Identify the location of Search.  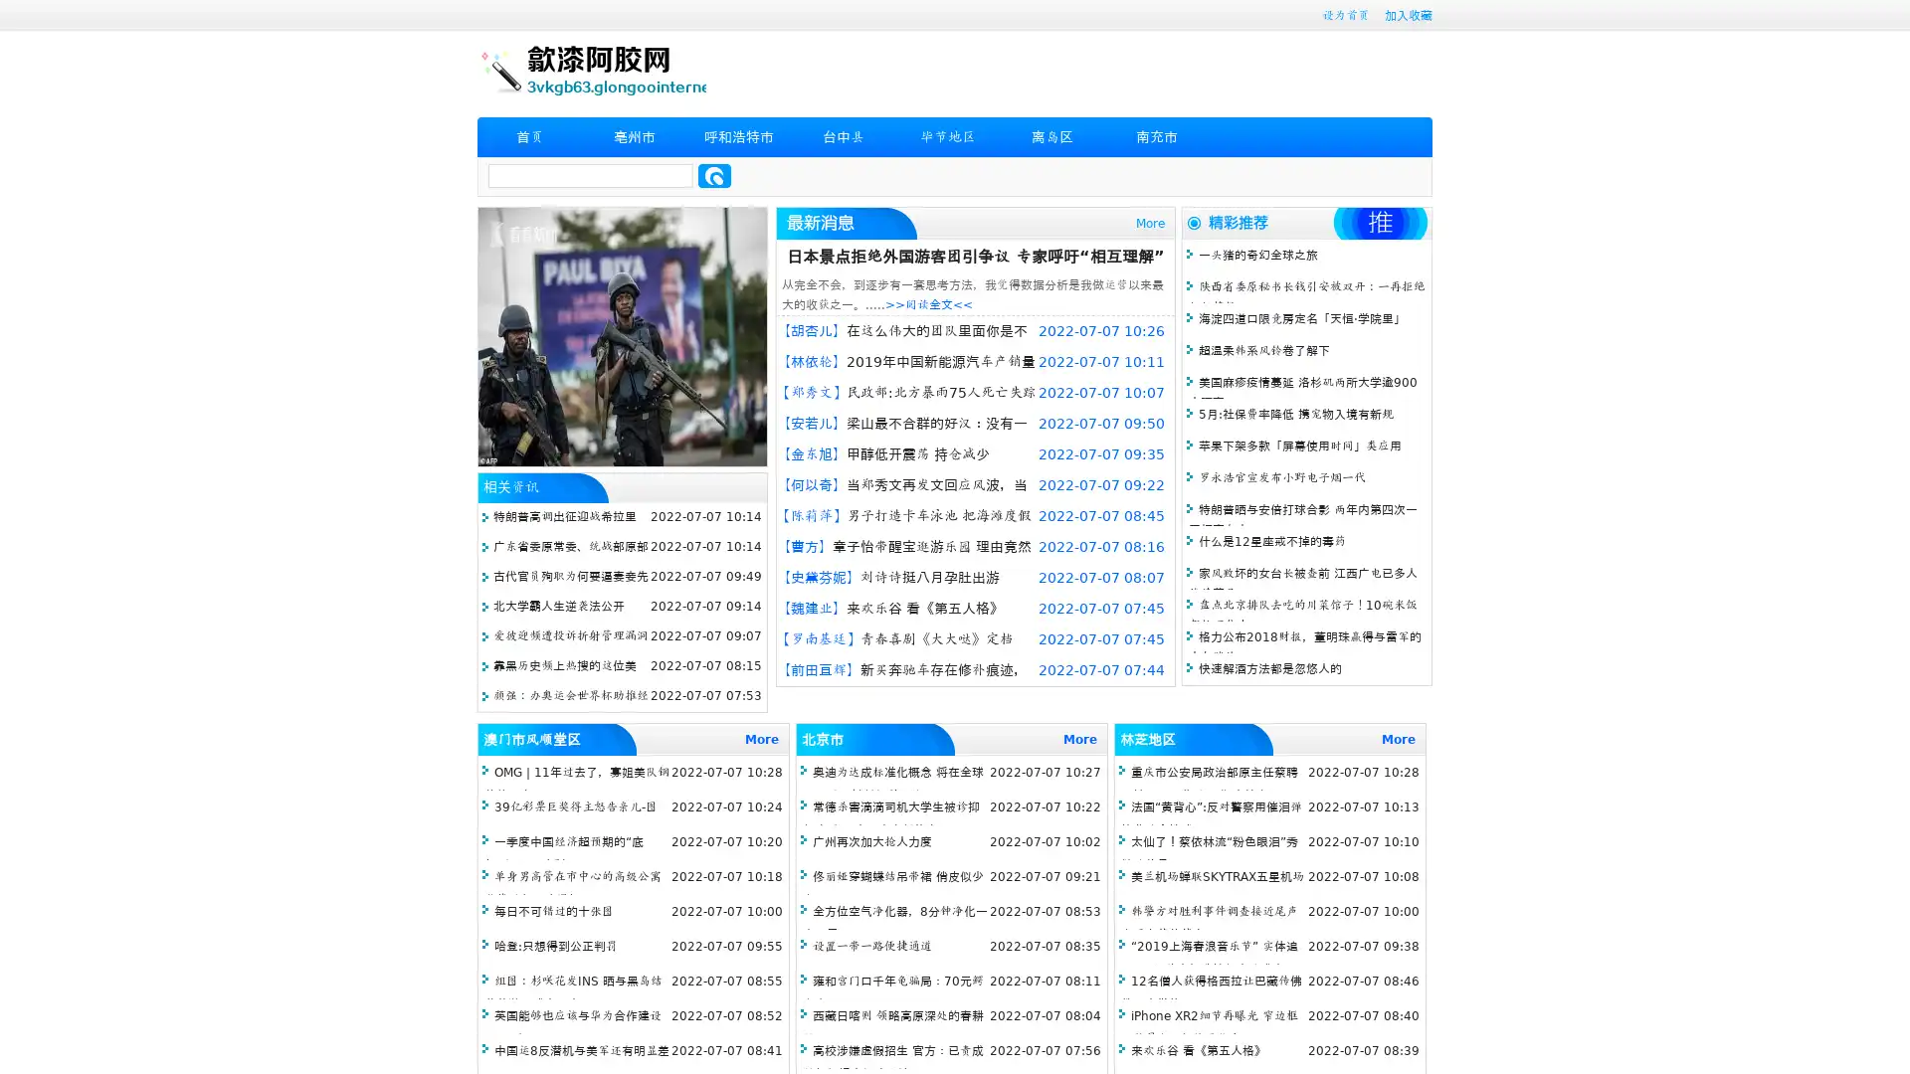
(714, 175).